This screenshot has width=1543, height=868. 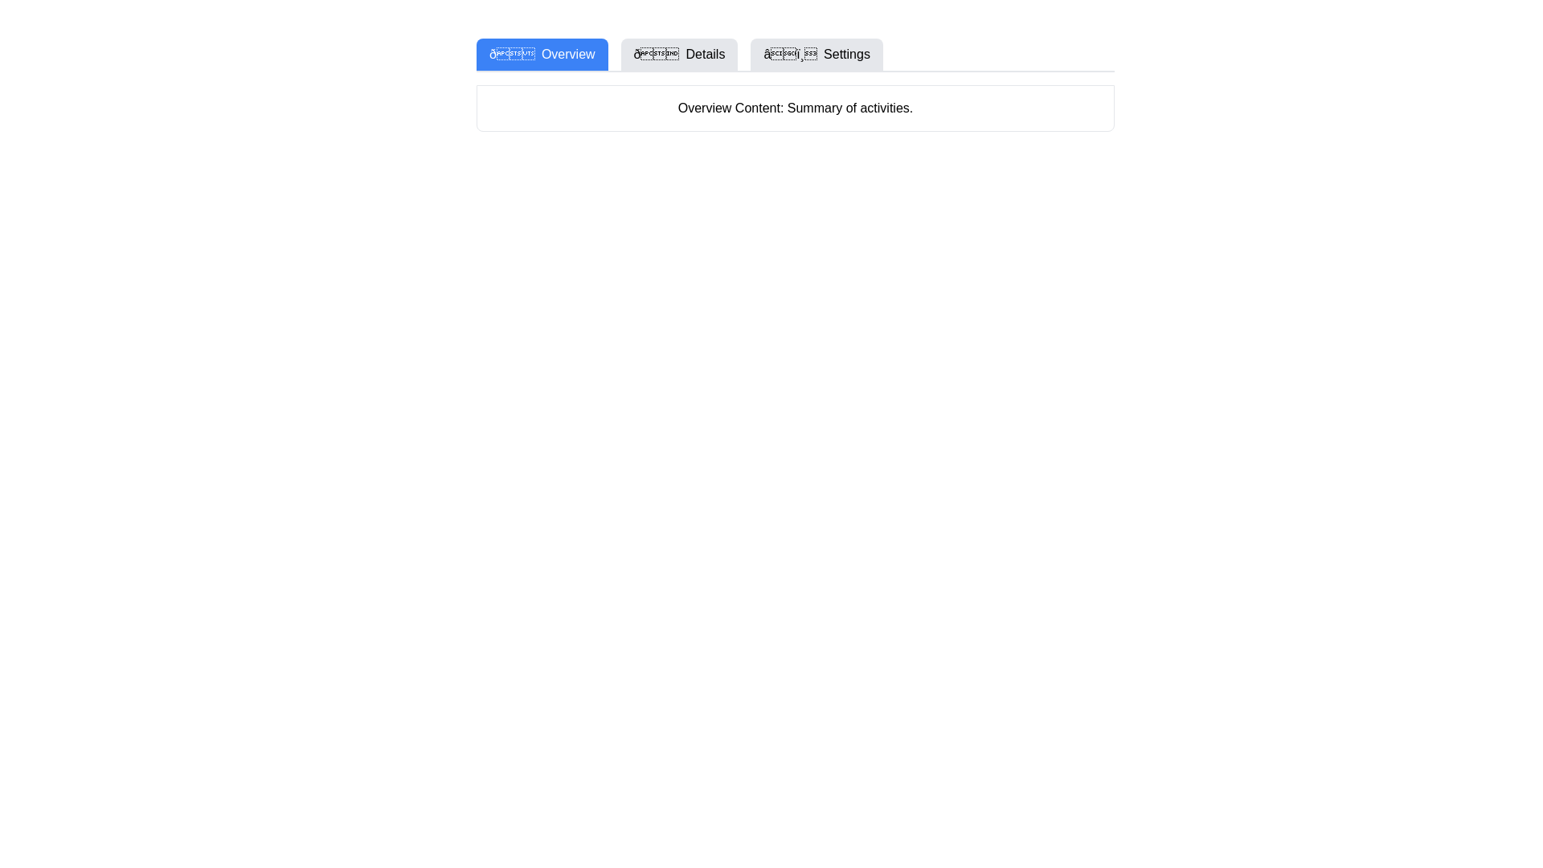 I want to click on the 'Details' tab button, which is the second tab in a horizontally arranged list, so click(x=679, y=54).